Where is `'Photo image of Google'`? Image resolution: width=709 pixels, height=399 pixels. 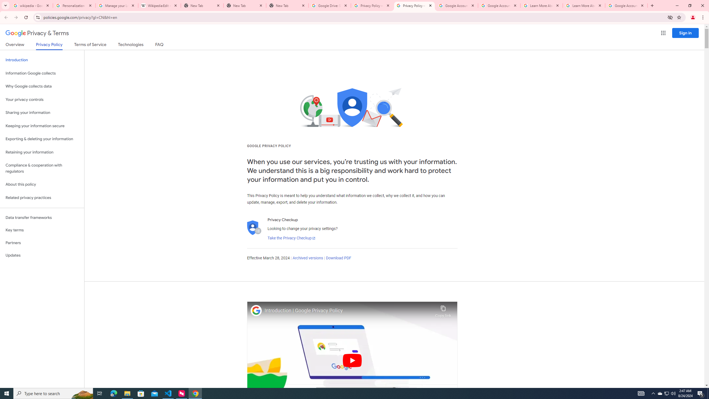 'Photo image of Google' is located at coordinates (256, 310).